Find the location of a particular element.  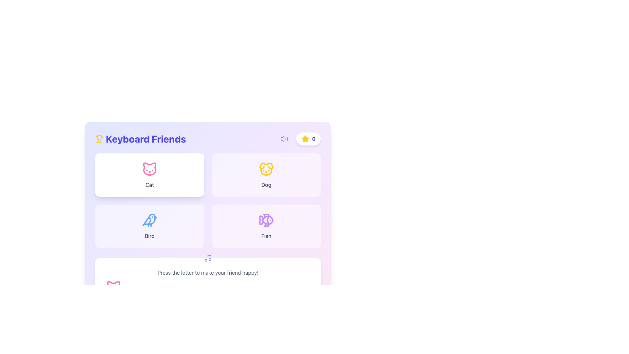

the volume control icon in the UI header, located in the top-right corner is located at coordinates (282, 139).